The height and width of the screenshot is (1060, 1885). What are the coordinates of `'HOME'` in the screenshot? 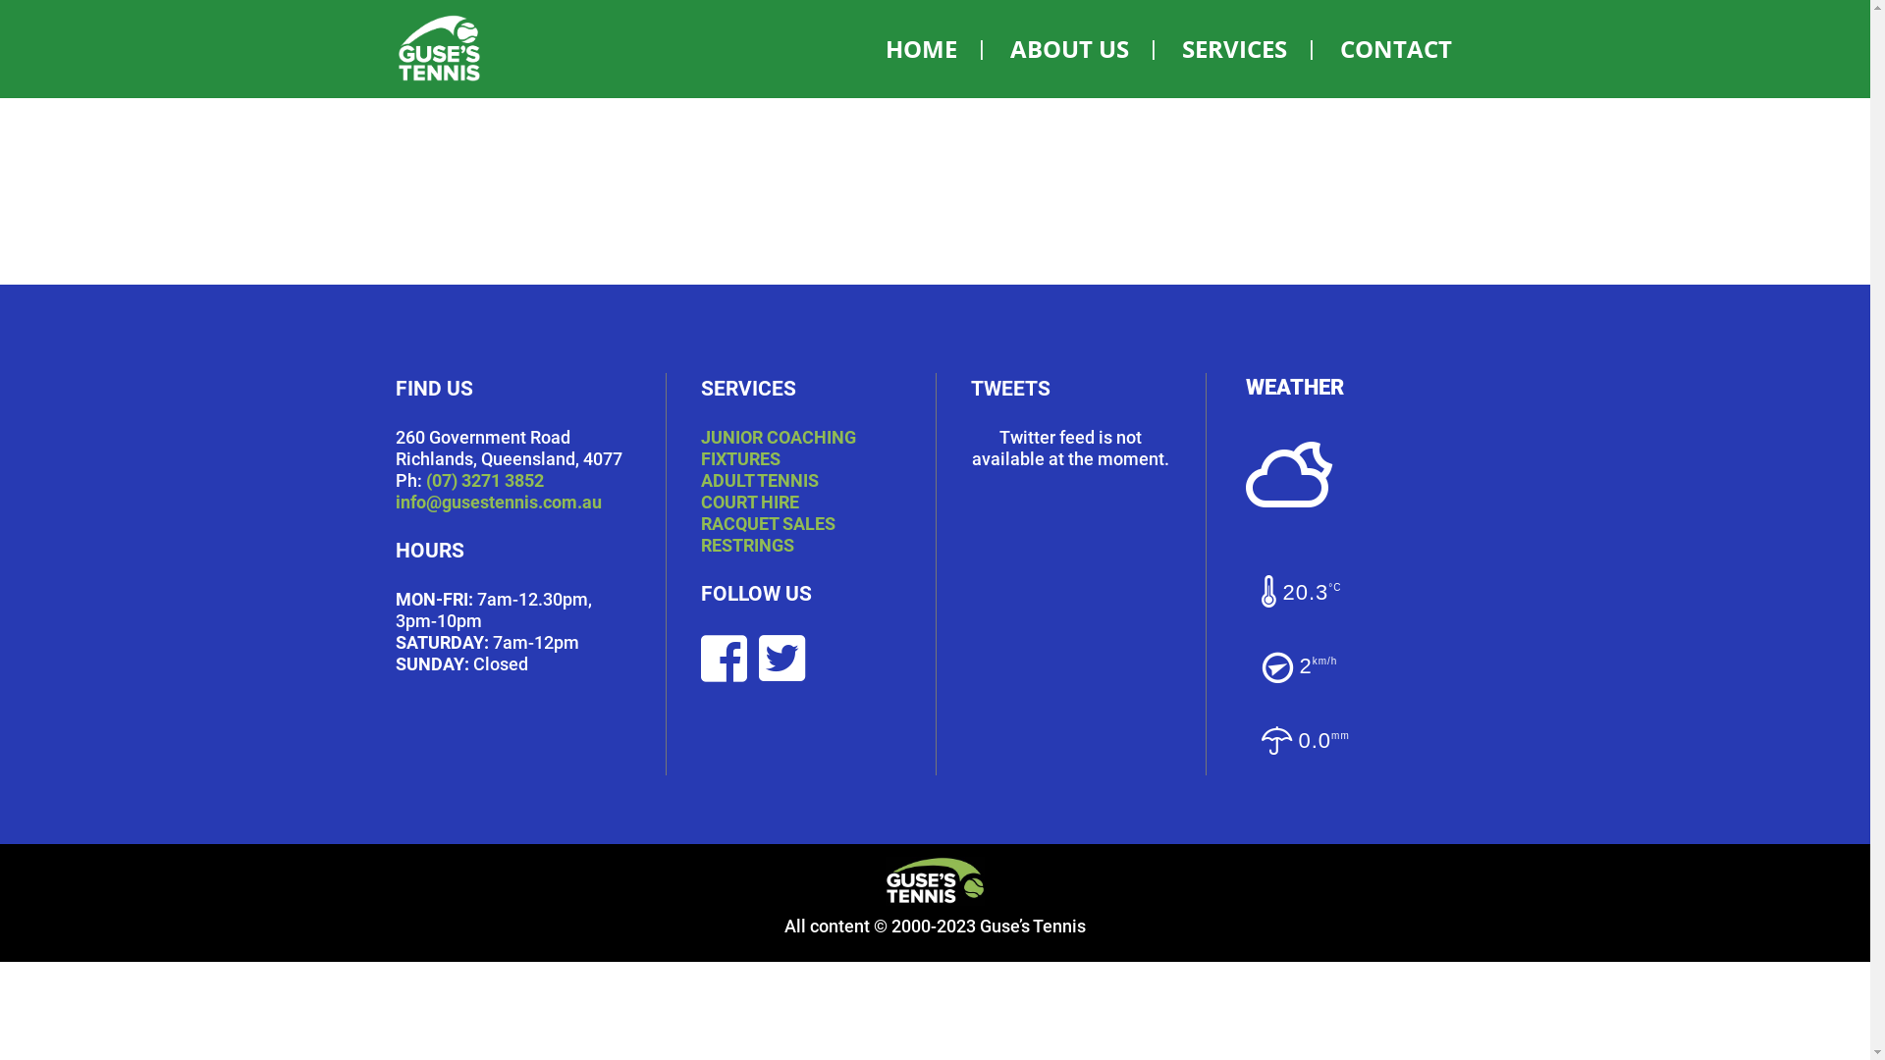 It's located at (920, 48).